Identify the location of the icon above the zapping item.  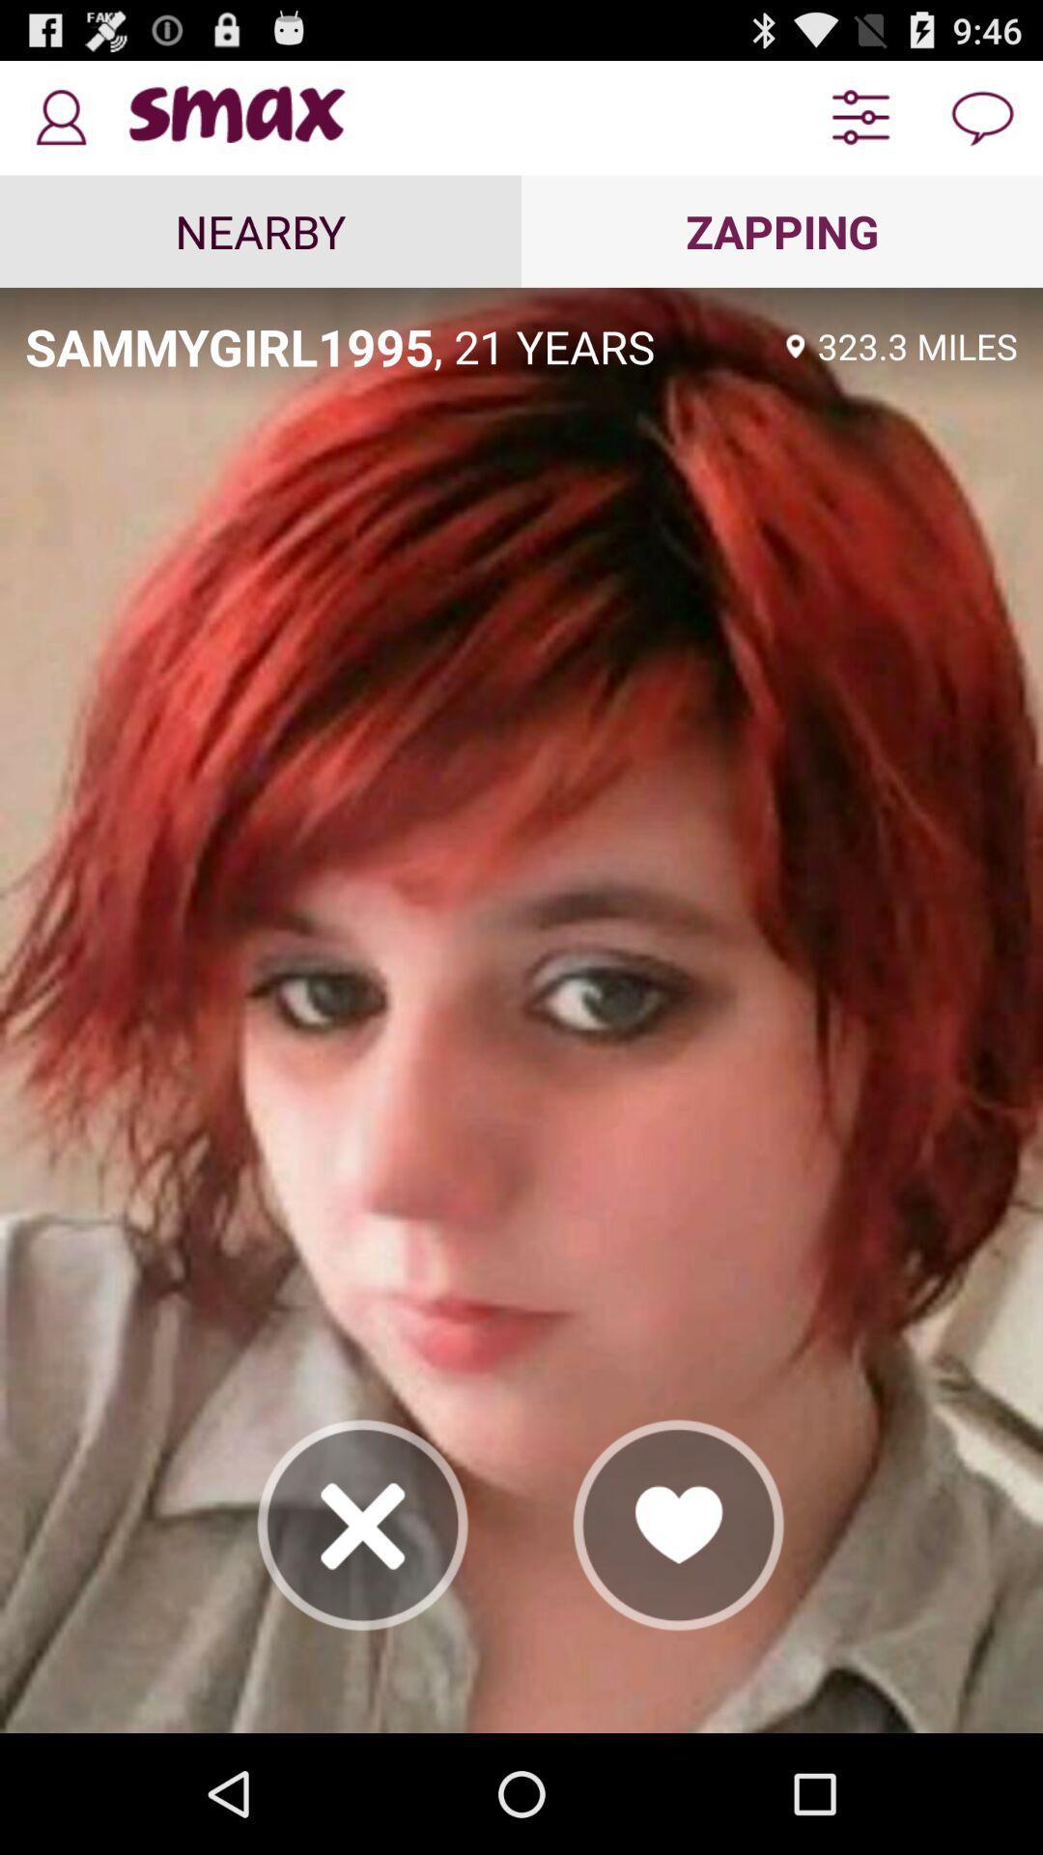
(860, 117).